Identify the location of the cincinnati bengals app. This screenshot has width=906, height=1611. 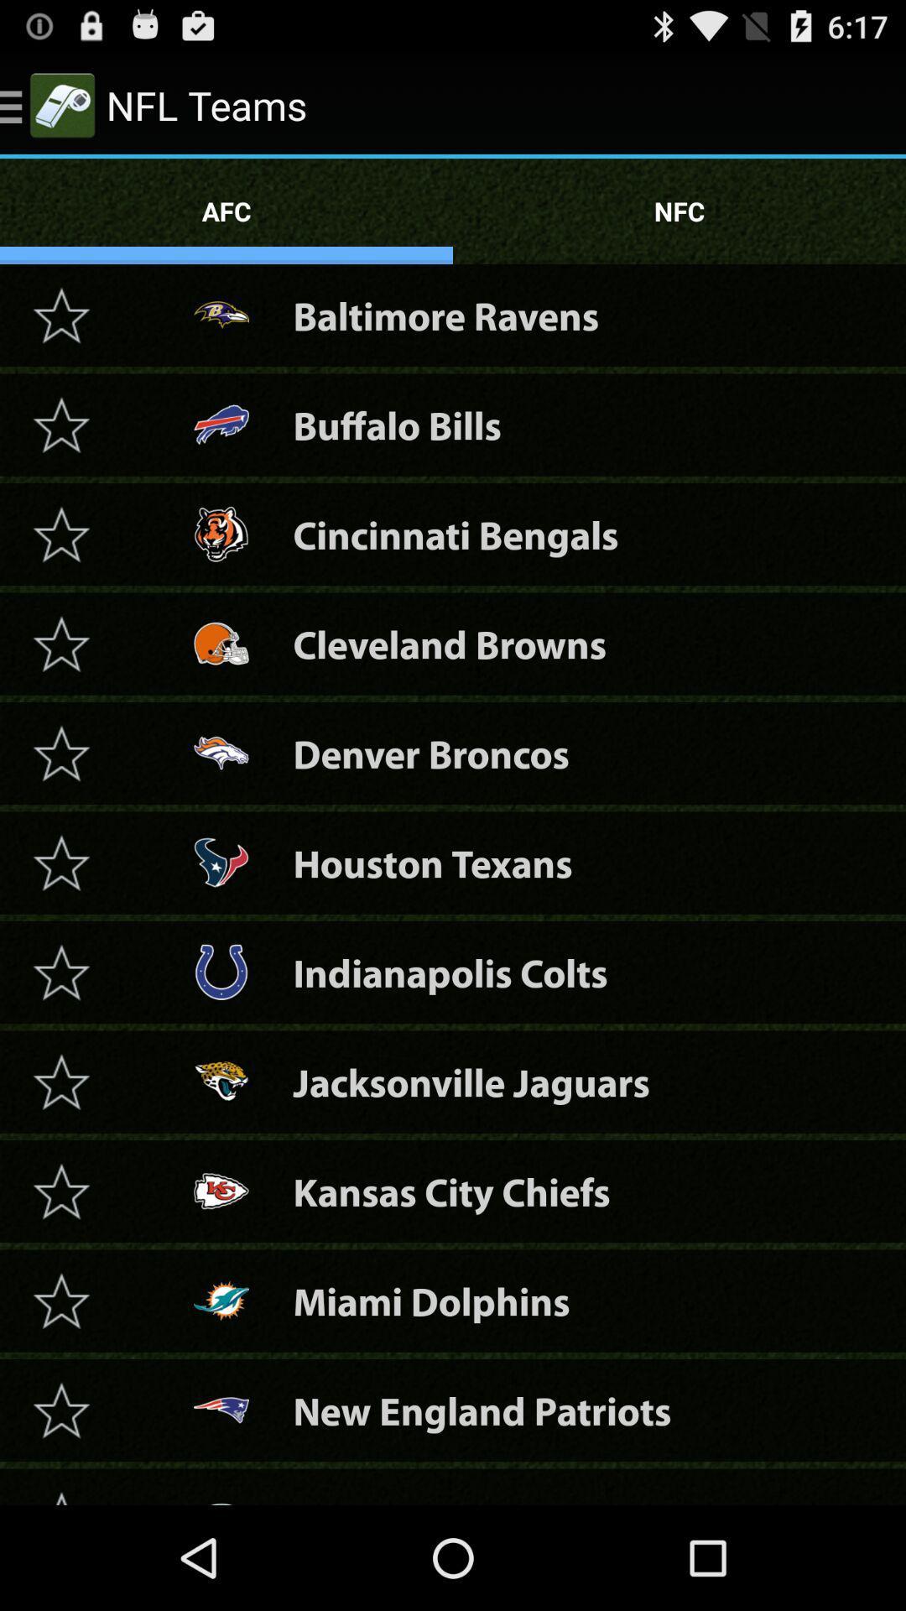
(456, 534).